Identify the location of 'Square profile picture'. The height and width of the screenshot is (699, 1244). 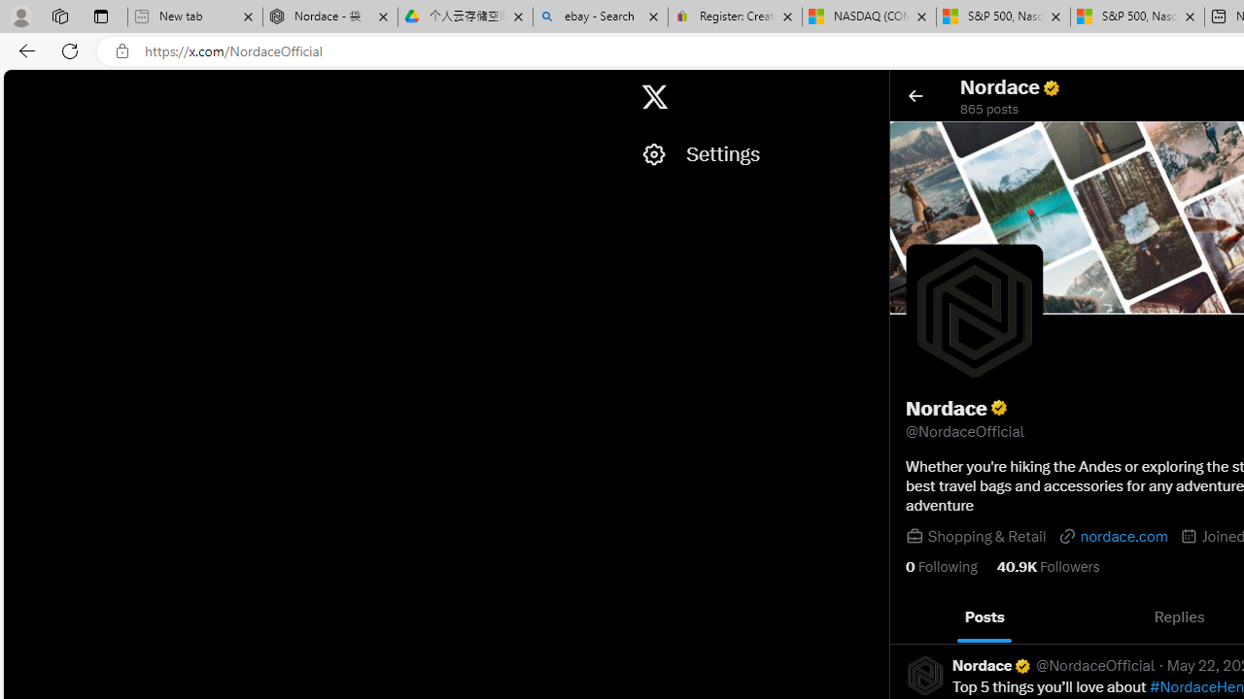
(923, 674).